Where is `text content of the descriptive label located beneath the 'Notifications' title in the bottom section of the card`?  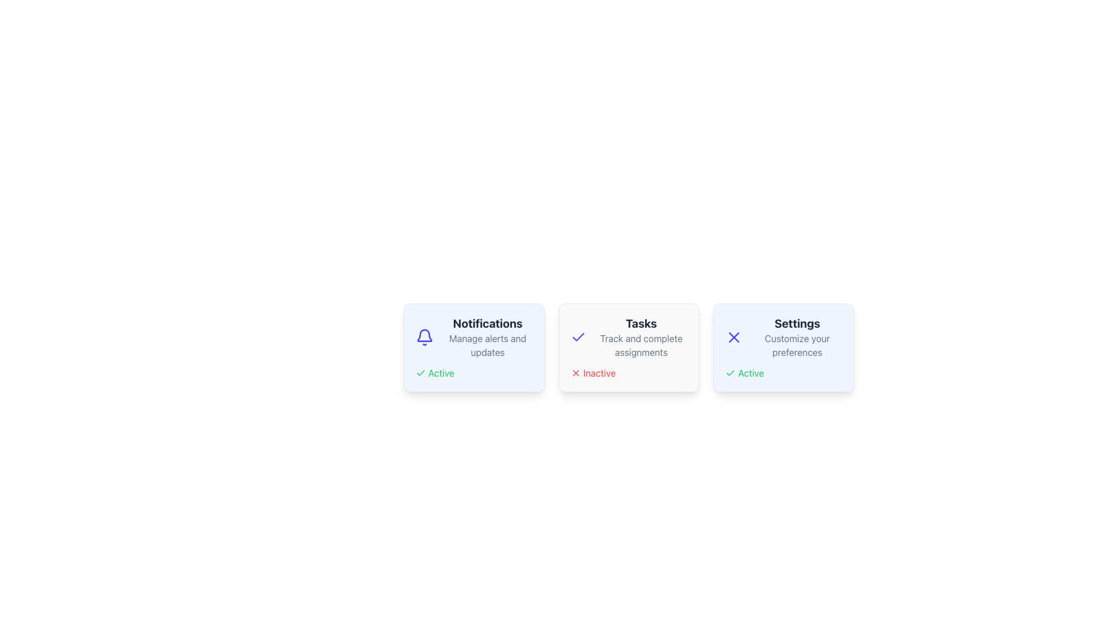 text content of the descriptive label located beneath the 'Notifications' title in the bottom section of the card is located at coordinates (488, 345).